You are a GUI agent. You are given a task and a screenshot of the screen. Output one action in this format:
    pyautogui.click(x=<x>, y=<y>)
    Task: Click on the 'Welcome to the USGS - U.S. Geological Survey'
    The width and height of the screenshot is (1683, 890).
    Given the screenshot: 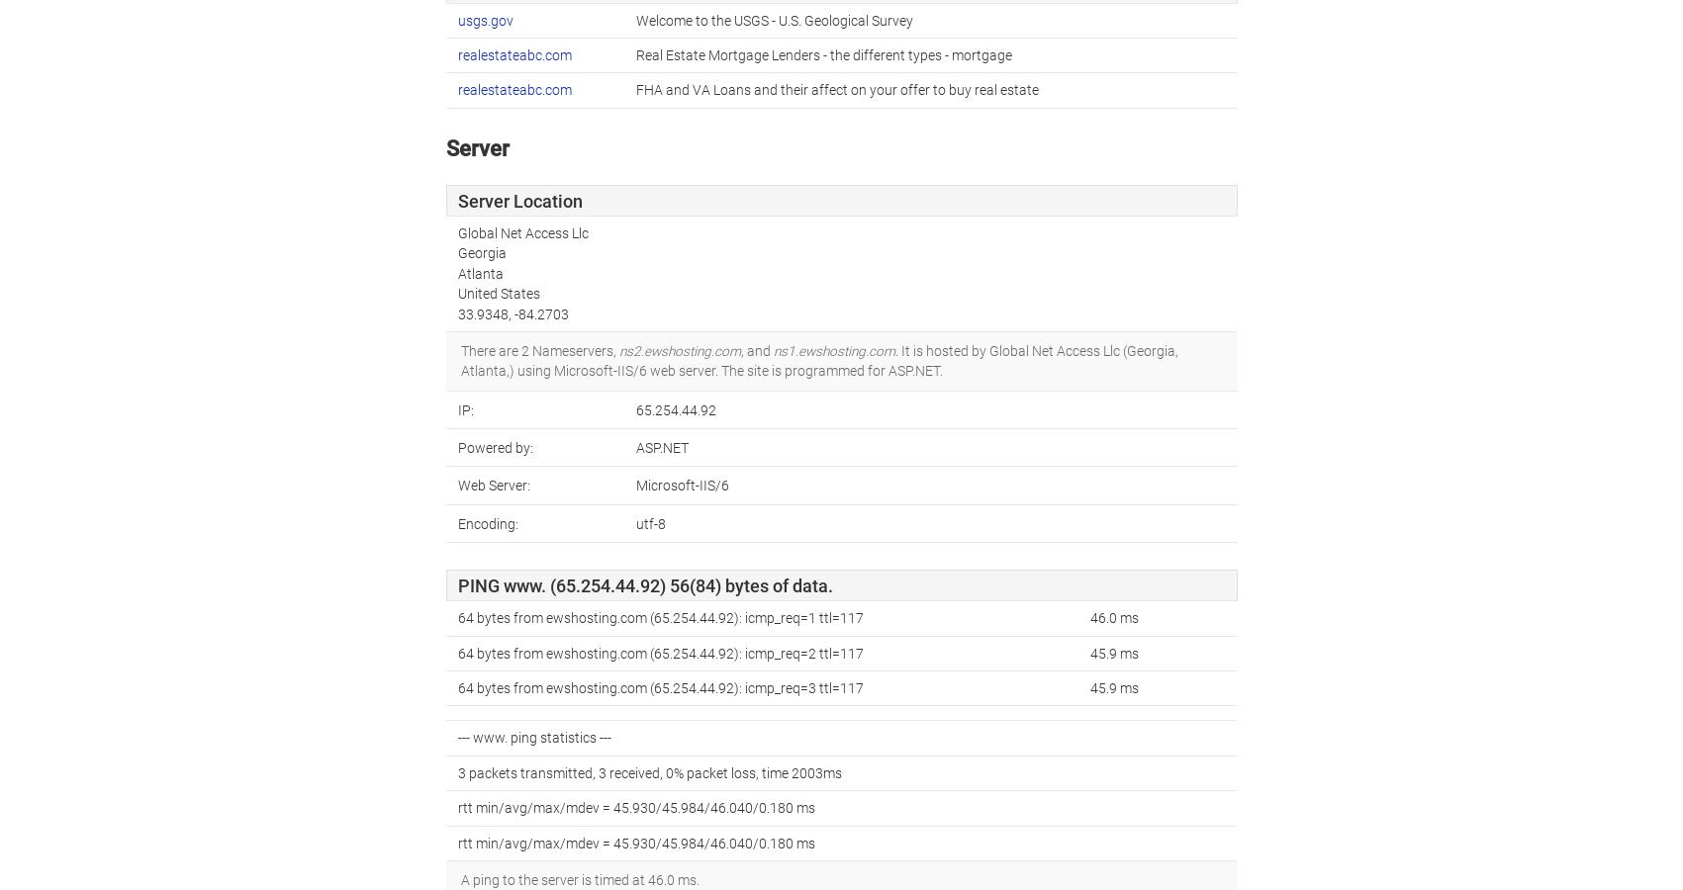 What is the action you would take?
    pyautogui.click(x=633, y=18)
    